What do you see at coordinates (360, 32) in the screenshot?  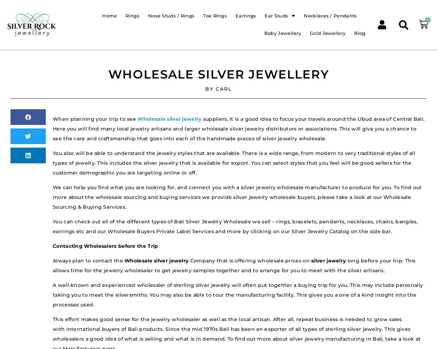 I see `'Blog'` at bounding box center [360, 32].